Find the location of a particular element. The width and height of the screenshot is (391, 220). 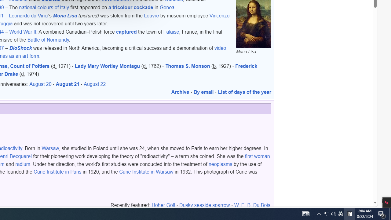

'List of days of the year' is located at coordinates (244, 92).